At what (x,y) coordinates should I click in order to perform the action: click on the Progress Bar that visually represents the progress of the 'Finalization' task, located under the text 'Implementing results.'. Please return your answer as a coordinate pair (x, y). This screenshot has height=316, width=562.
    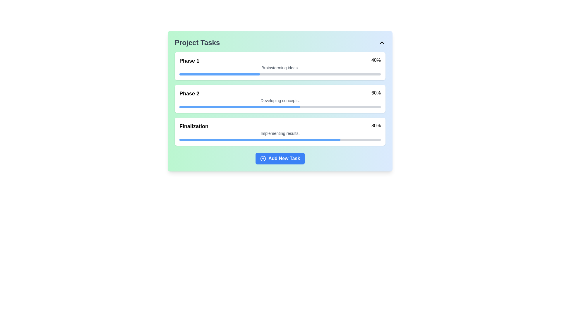
    Looking at the image, I should click on (280, 140).